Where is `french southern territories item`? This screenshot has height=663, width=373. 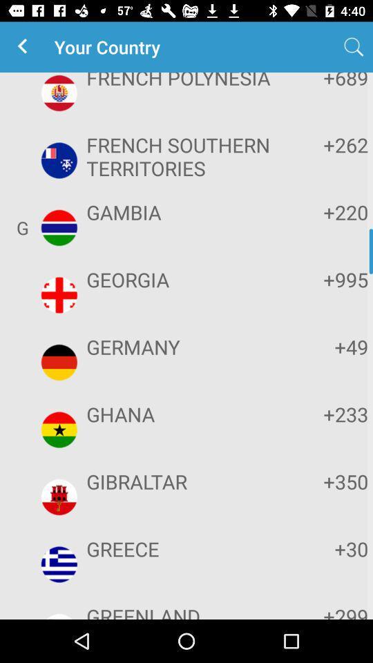
french southern territories item is located at coordinates (184, 156).